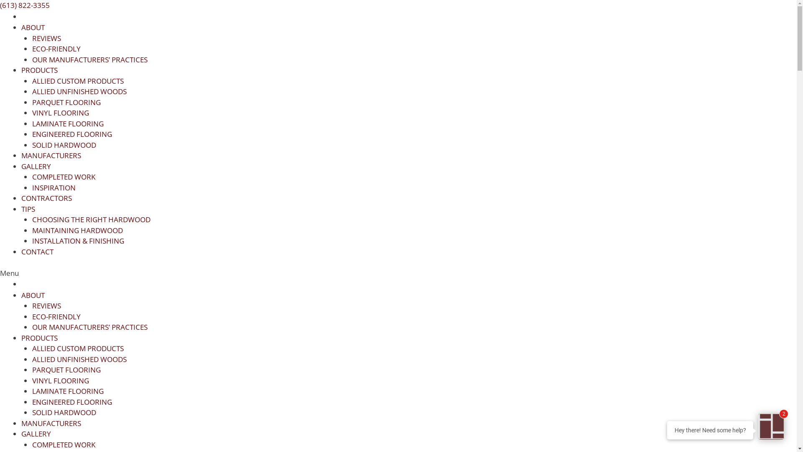 This screenshot has width=803, height=452. Describe the element at coordinates (37, 251) in the screenshot. I see `'CONTACT'` at that location.